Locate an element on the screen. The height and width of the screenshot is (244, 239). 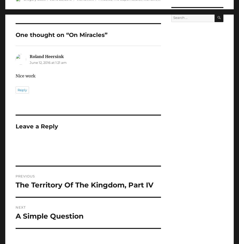
'One thought on “On Miracles”' is located at coordinates (61, 35).